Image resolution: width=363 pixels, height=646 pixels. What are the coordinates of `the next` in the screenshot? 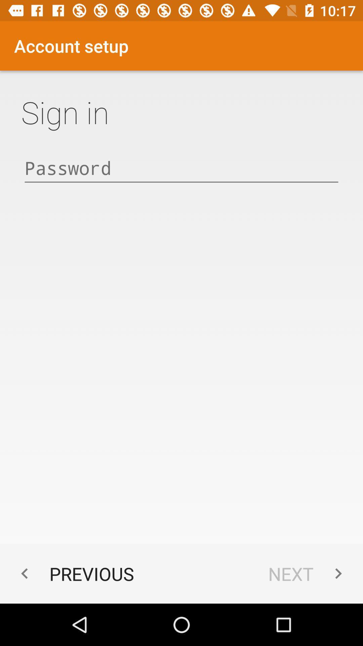 It's located at (309, 573).